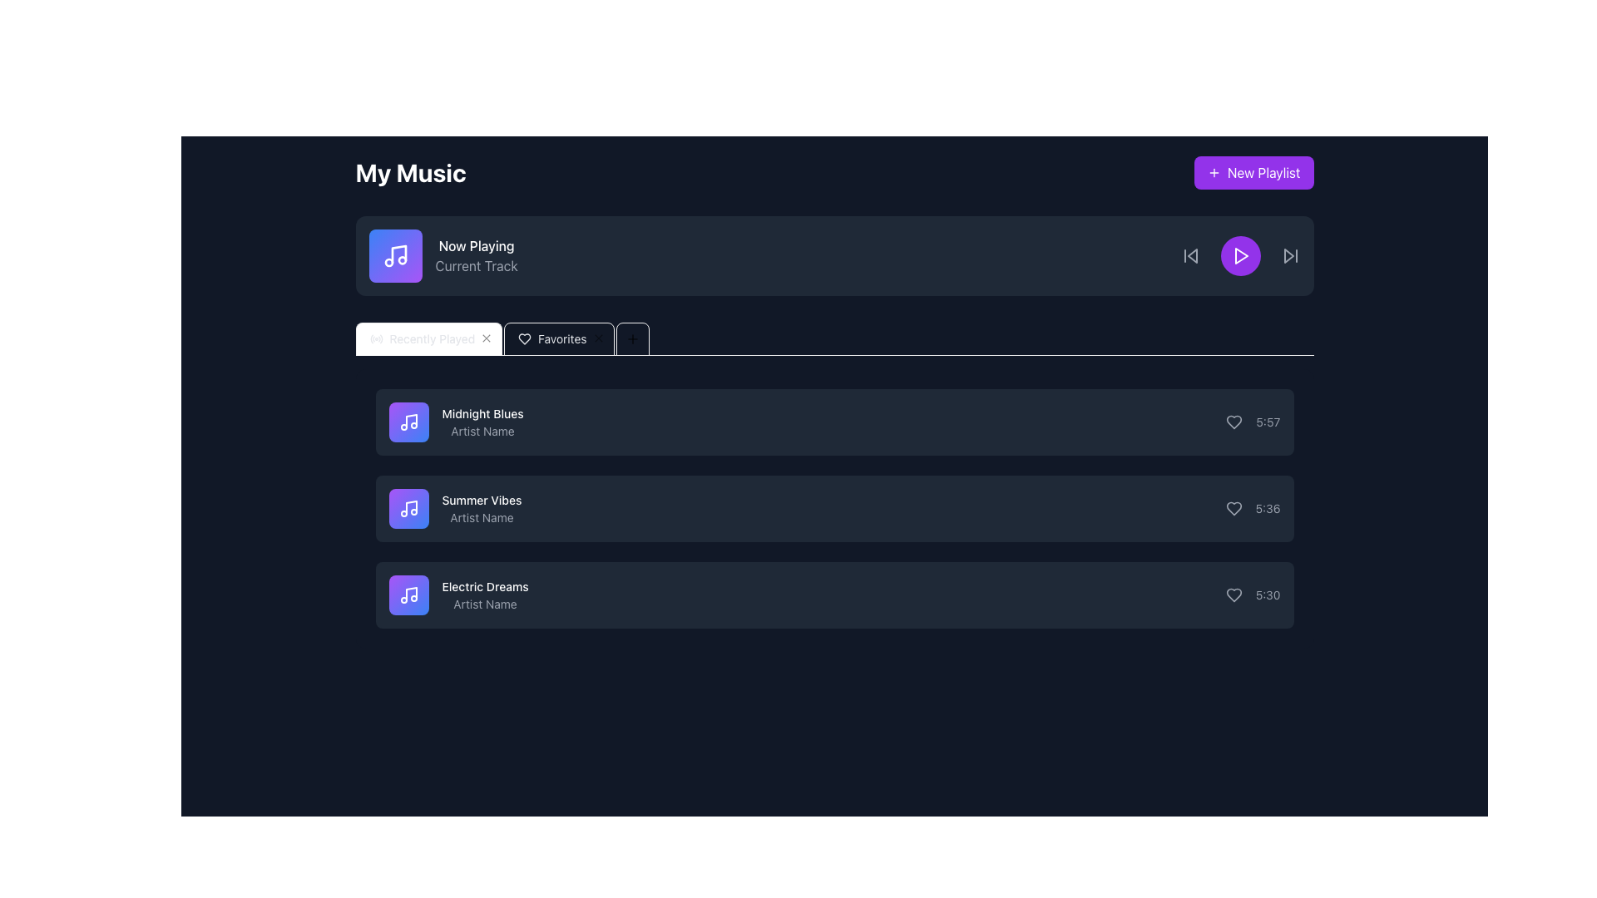 This screenshot has width=1597, height=898. What do you see at coordinates (484, 585) in the screenshot?
I see `the Text Label displaying the title for the music item, which indicates the name of the song or playlist, specifically 'Electric Dreams' located within the third item of the vertically-arranged music list` at bounding box center [484, 585].